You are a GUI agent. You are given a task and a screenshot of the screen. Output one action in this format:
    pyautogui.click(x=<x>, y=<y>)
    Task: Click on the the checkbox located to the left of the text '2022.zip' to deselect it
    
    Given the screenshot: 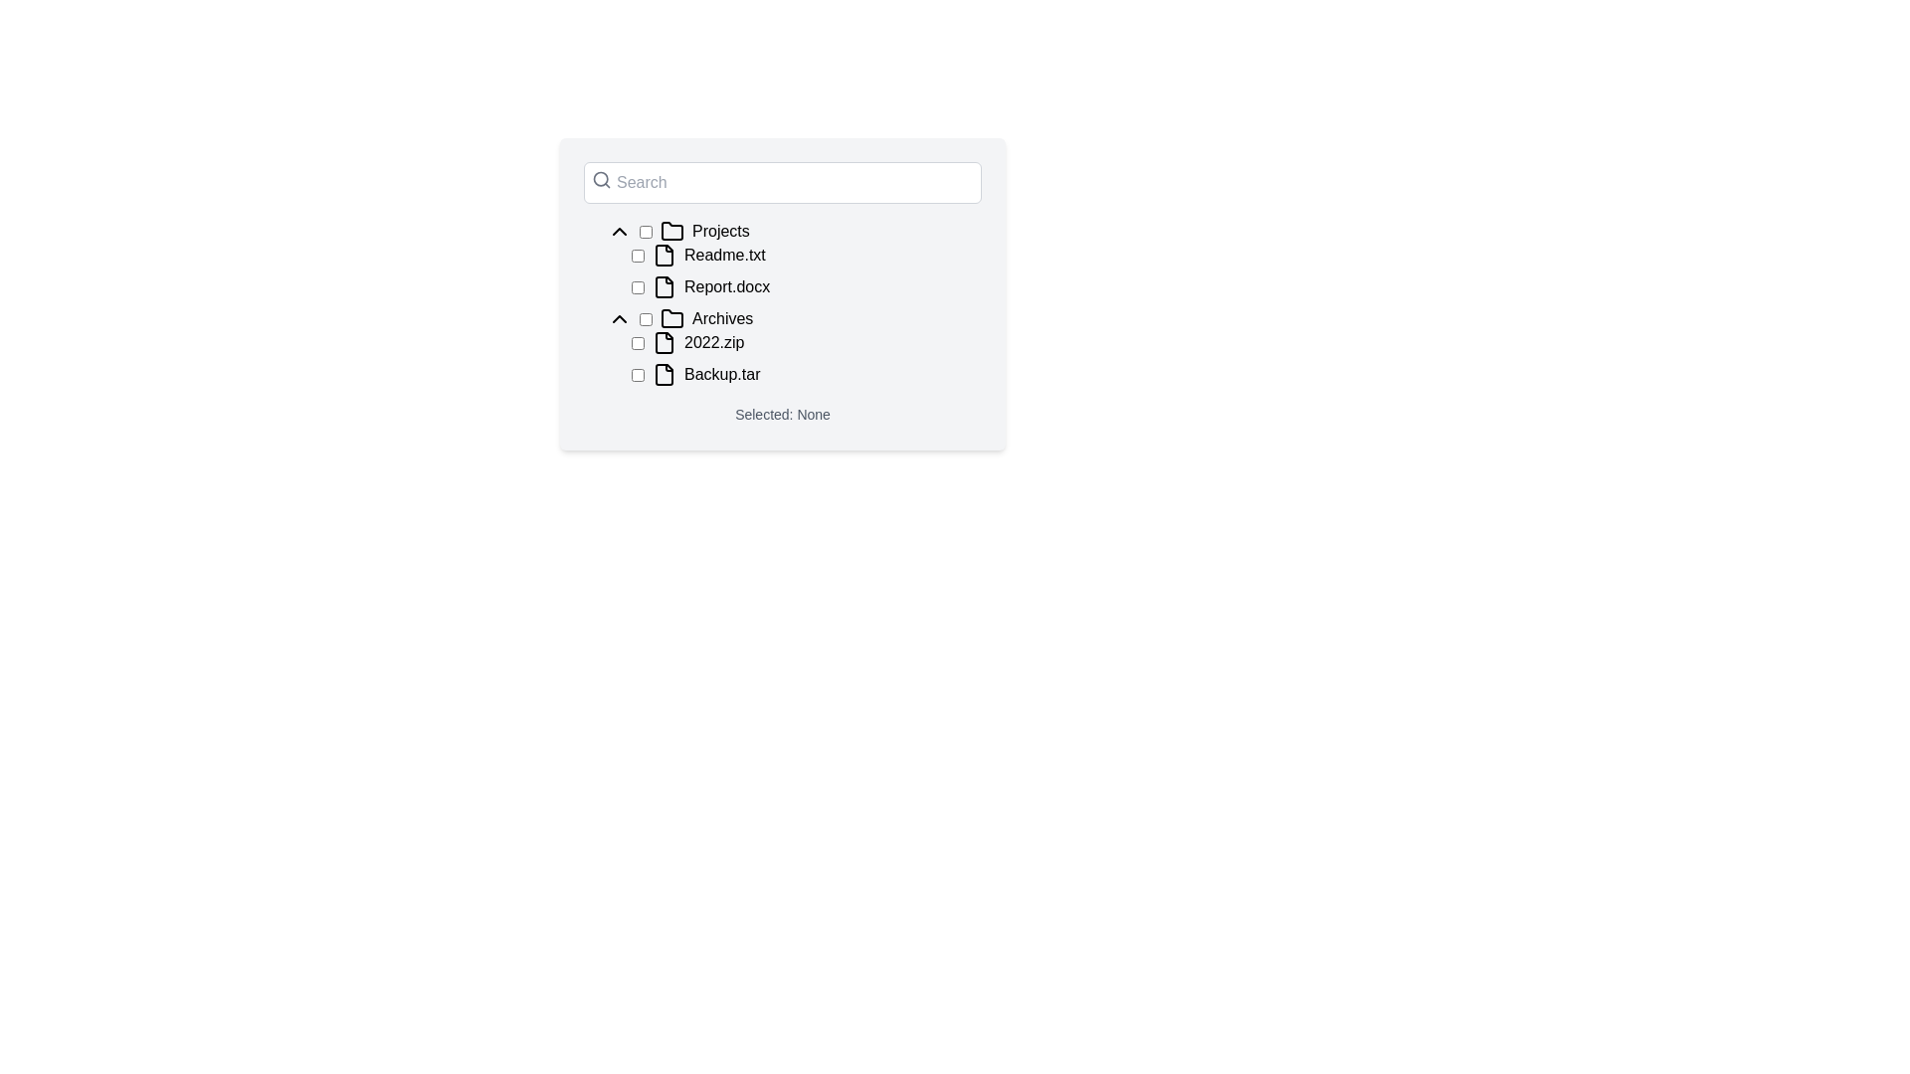 What is the action you would take?
    pyautogui.click(x=638, y=341)
    